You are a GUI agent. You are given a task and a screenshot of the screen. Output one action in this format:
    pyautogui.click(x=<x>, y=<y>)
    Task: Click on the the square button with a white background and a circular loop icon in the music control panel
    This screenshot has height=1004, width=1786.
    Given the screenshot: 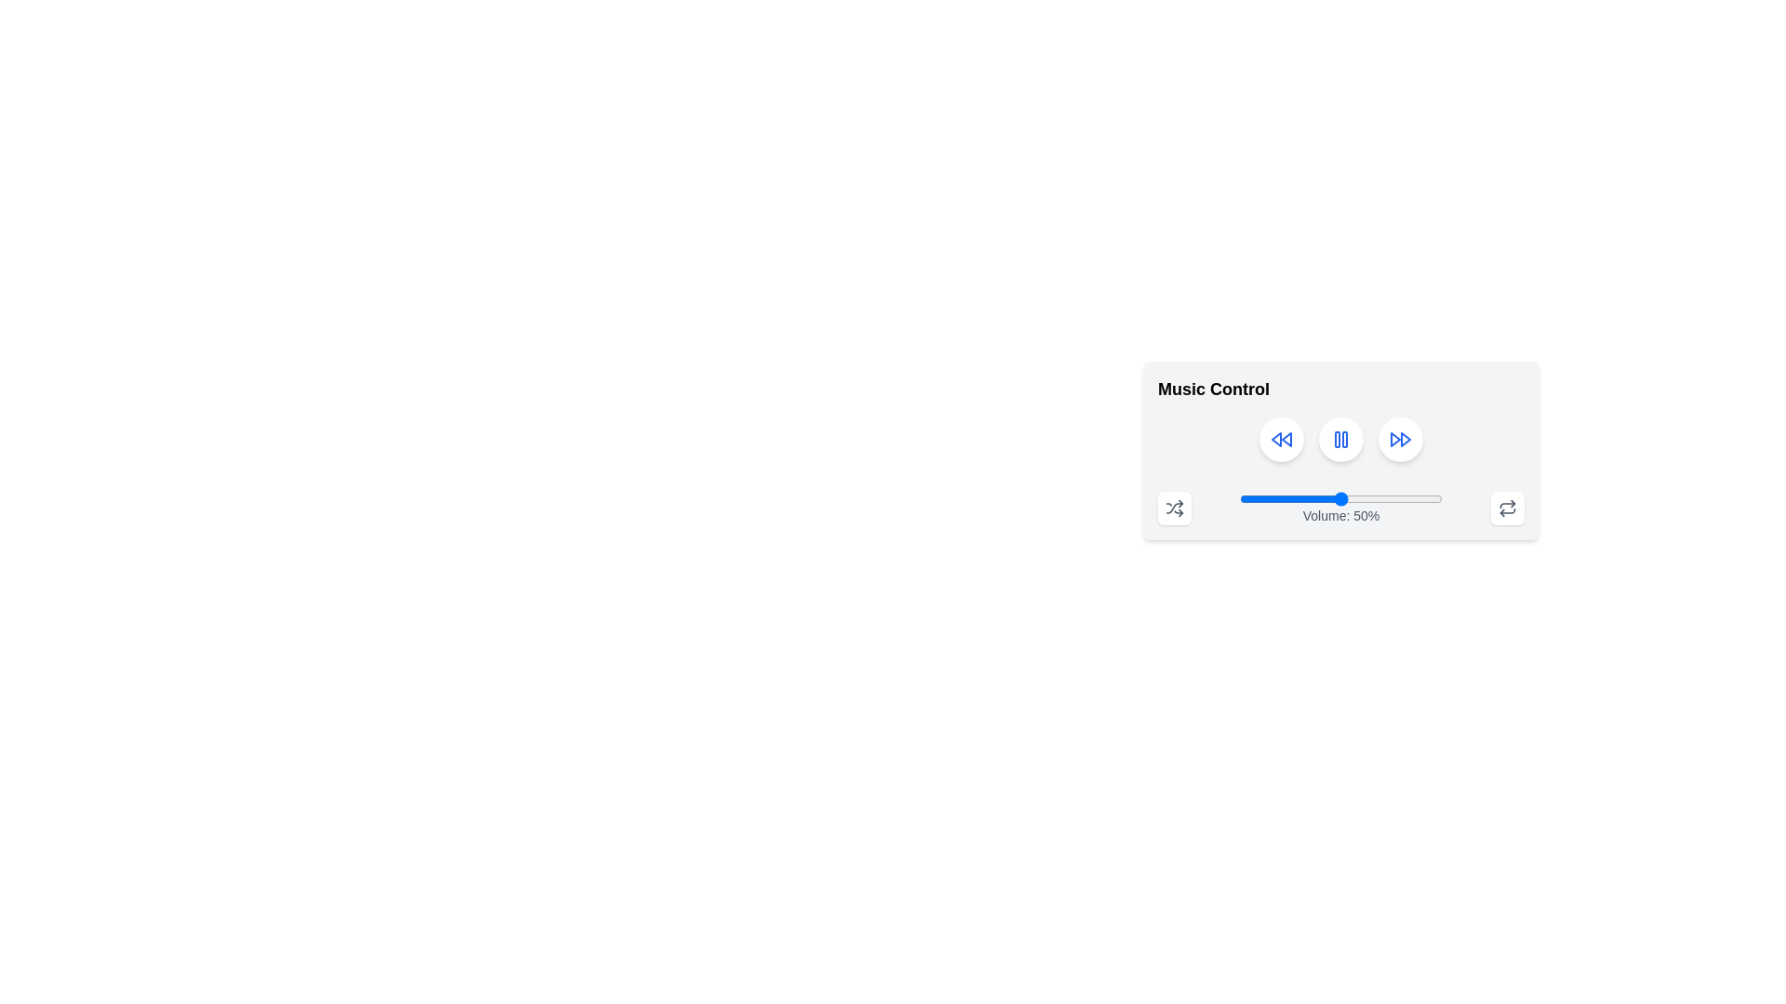 What is the action you would take?
    pyautogui.click(x=1508, y=509)
    